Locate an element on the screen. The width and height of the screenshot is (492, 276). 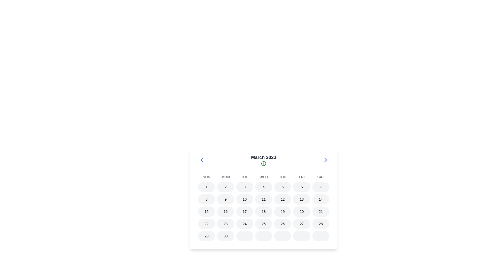
the circular button labeled '25' with a light gray background is located at coordinates (263, 223).